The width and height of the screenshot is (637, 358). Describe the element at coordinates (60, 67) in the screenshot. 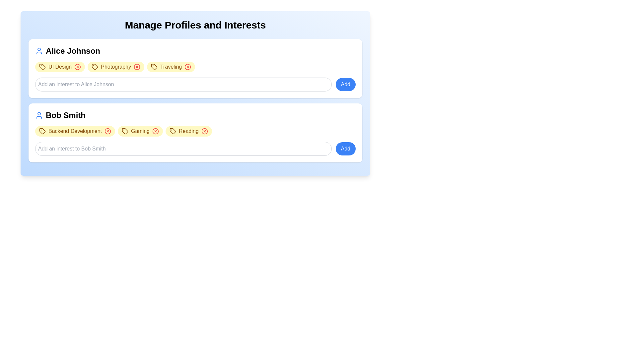

I see `the pill-shaped tag with a yellow background labeled 'UI Design'` at that location.